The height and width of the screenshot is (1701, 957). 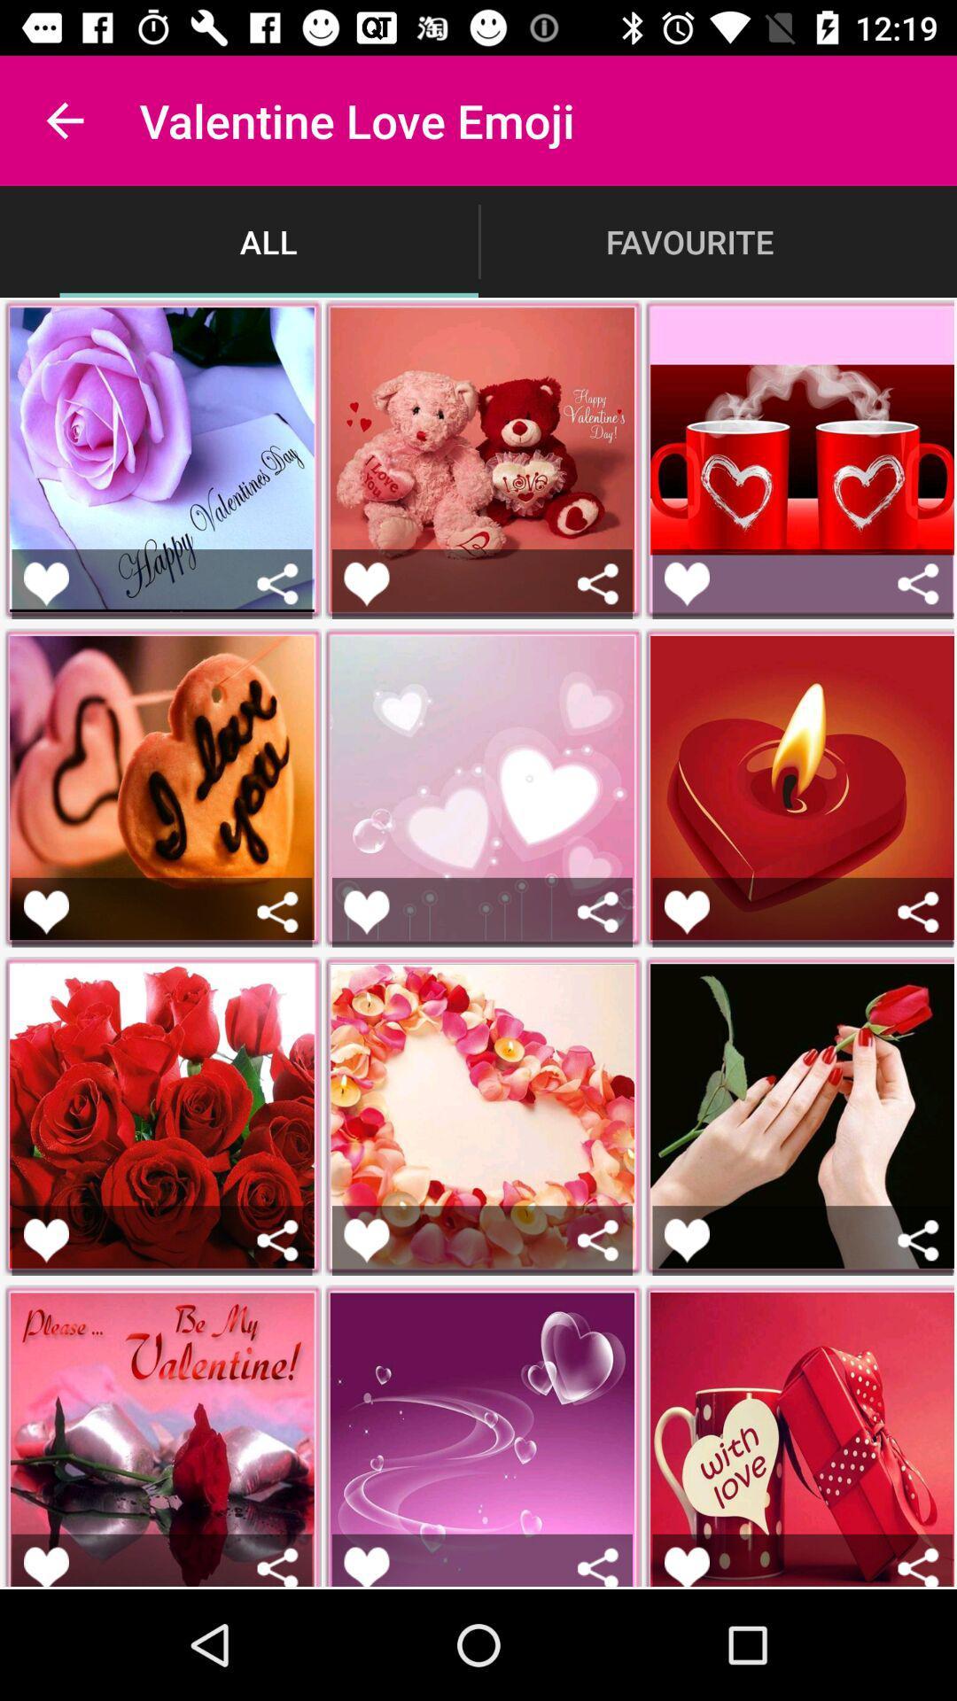 What do you see at coordinates (45, 584) in the screenshot?
I see `this is a proposal card` at bounding box center [45, 584].